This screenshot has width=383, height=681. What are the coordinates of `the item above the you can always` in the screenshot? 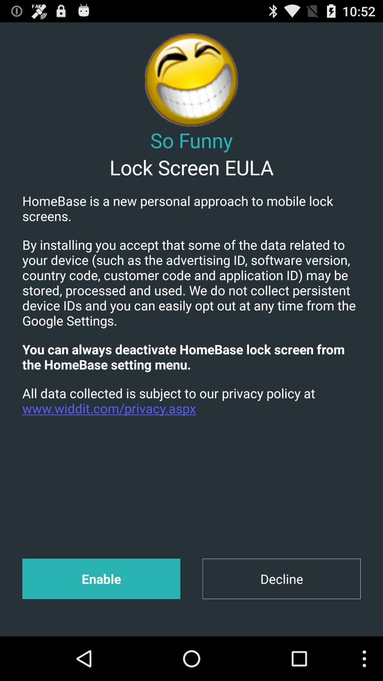 It's located at (191, 282).